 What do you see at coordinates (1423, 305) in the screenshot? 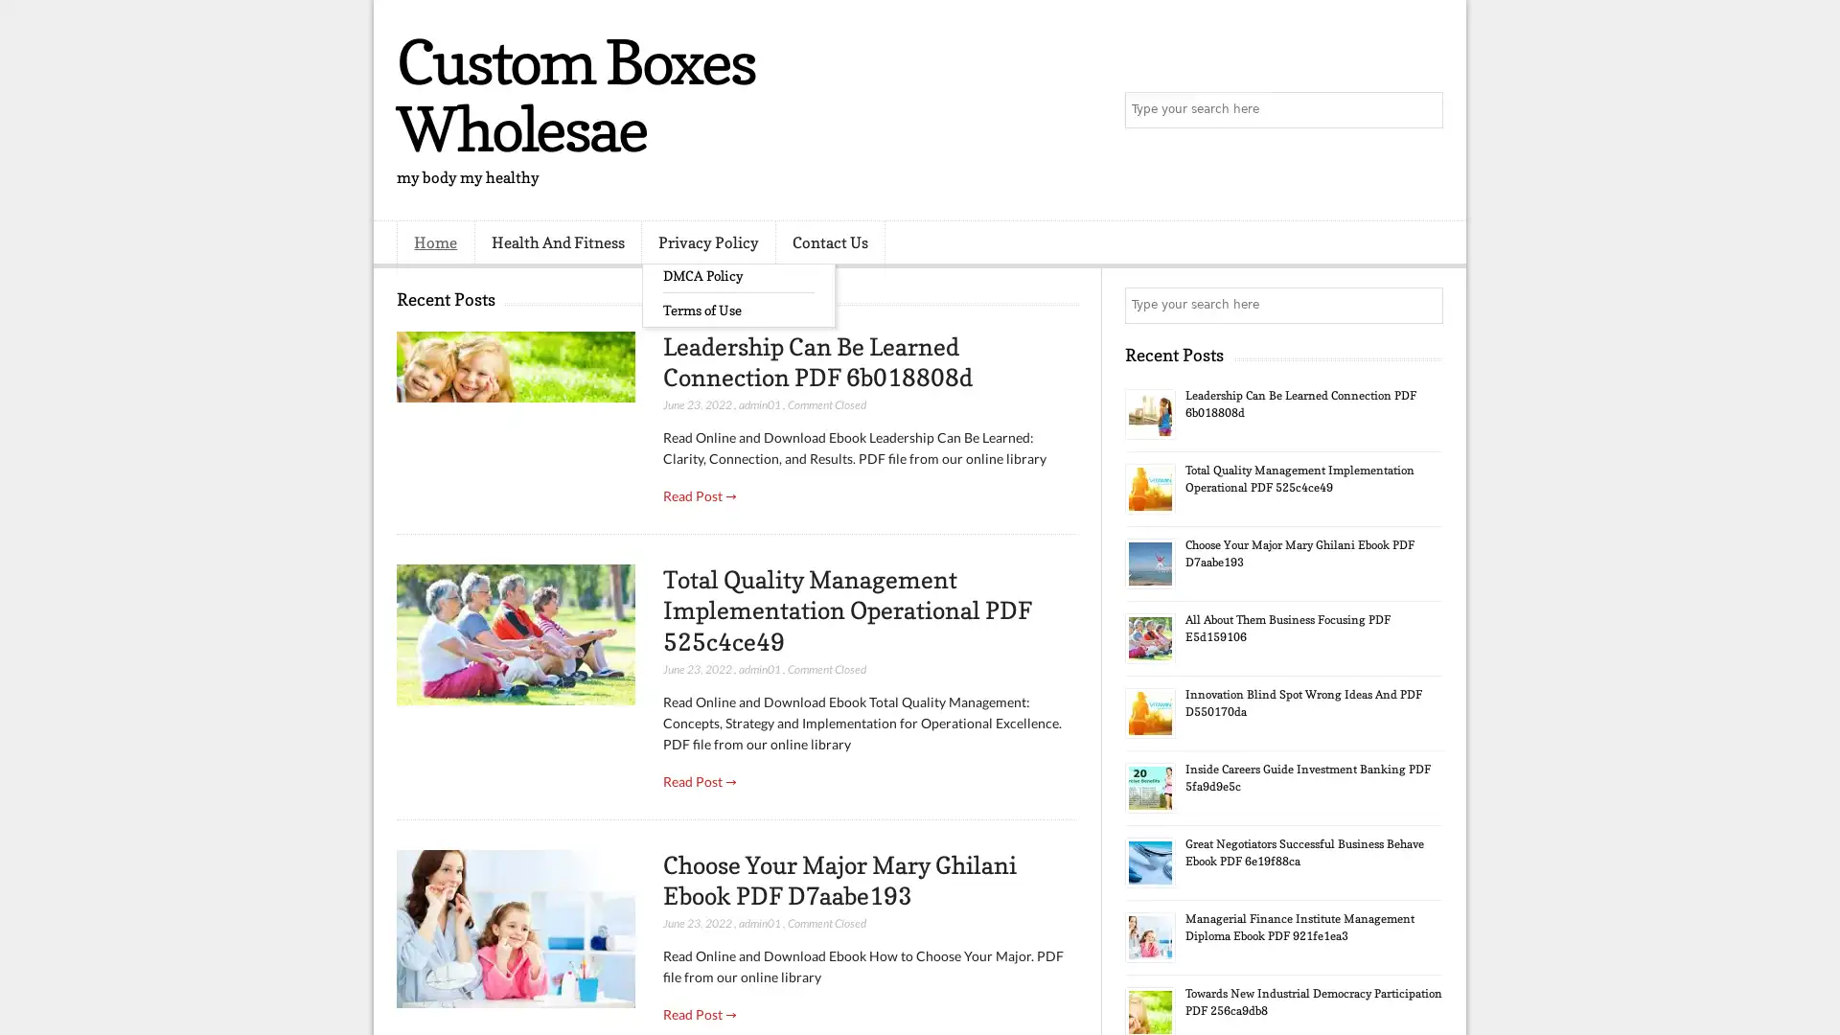
I see `Search` at bounding box center [1423, 305].